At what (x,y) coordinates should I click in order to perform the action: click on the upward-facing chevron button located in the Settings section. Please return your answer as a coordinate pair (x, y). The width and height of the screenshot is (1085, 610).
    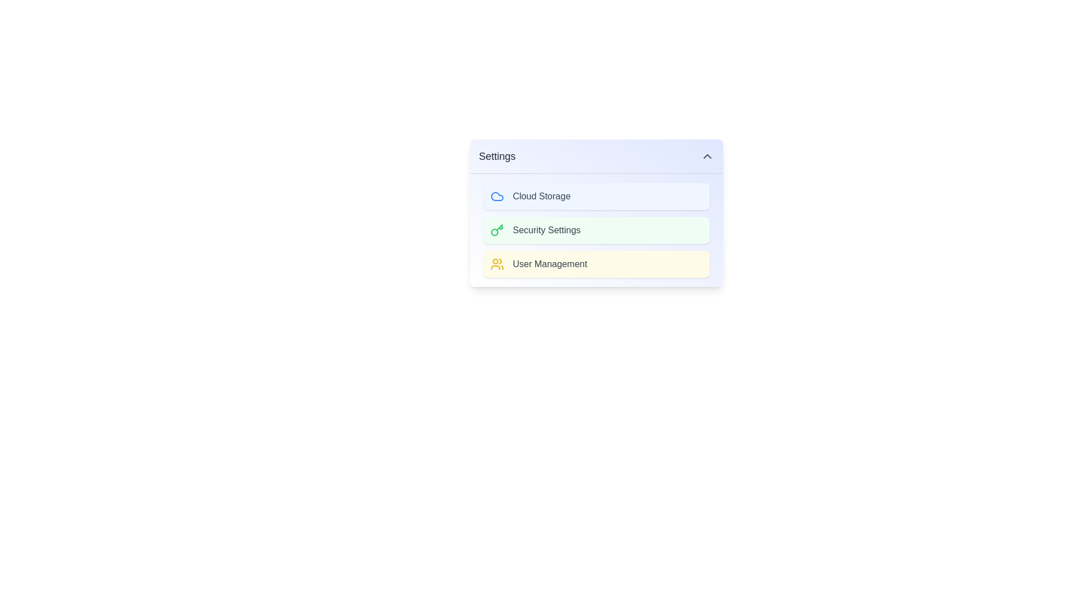
    Looking at the image, I should click on (706, 156).